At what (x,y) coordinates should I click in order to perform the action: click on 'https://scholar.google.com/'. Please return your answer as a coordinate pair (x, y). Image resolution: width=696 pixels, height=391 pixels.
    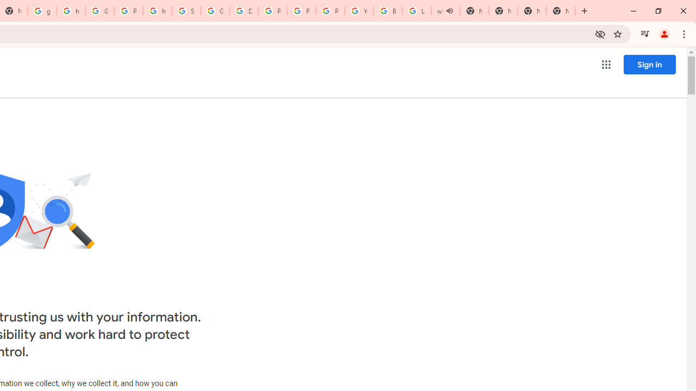
    Looking at the image, I should click on (70, 11).